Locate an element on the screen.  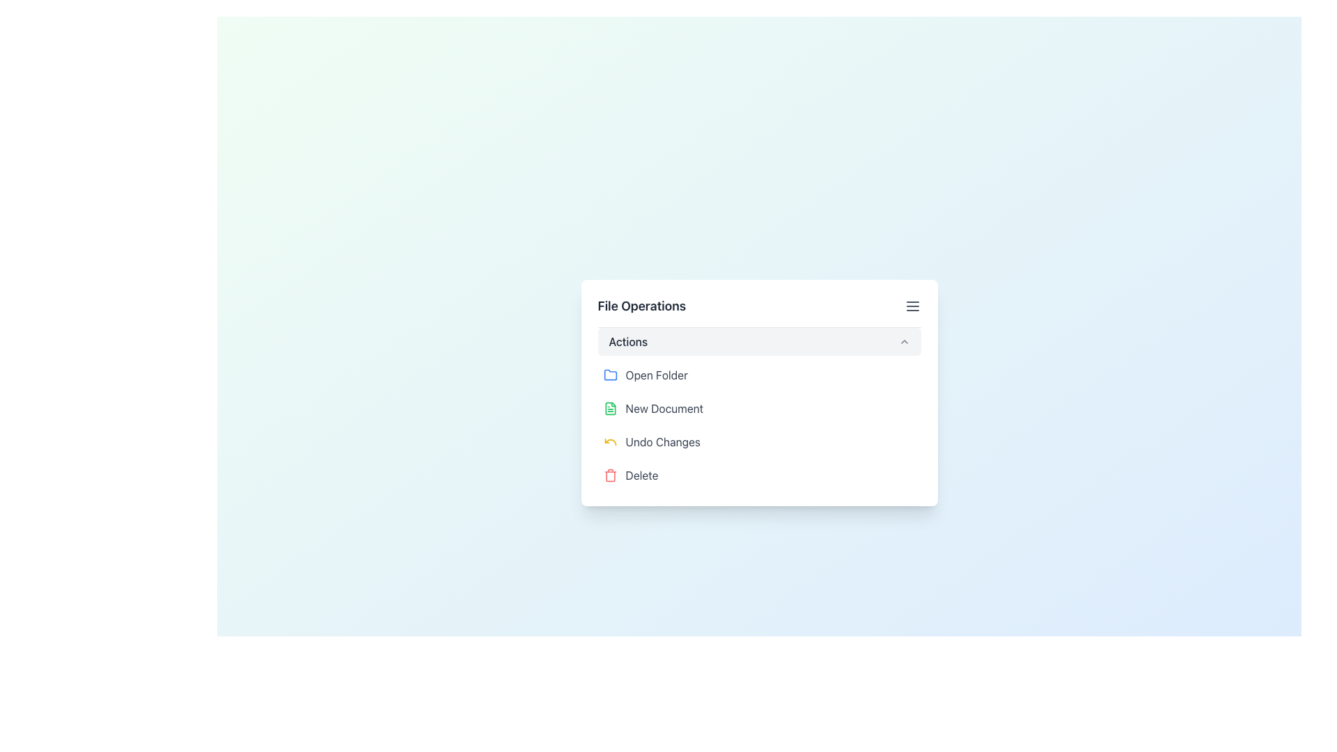
the 'Undo Changes' icon located on the leftmost side of the menu entry within the 'File Operations' panel is located at coordinates (610, 441).